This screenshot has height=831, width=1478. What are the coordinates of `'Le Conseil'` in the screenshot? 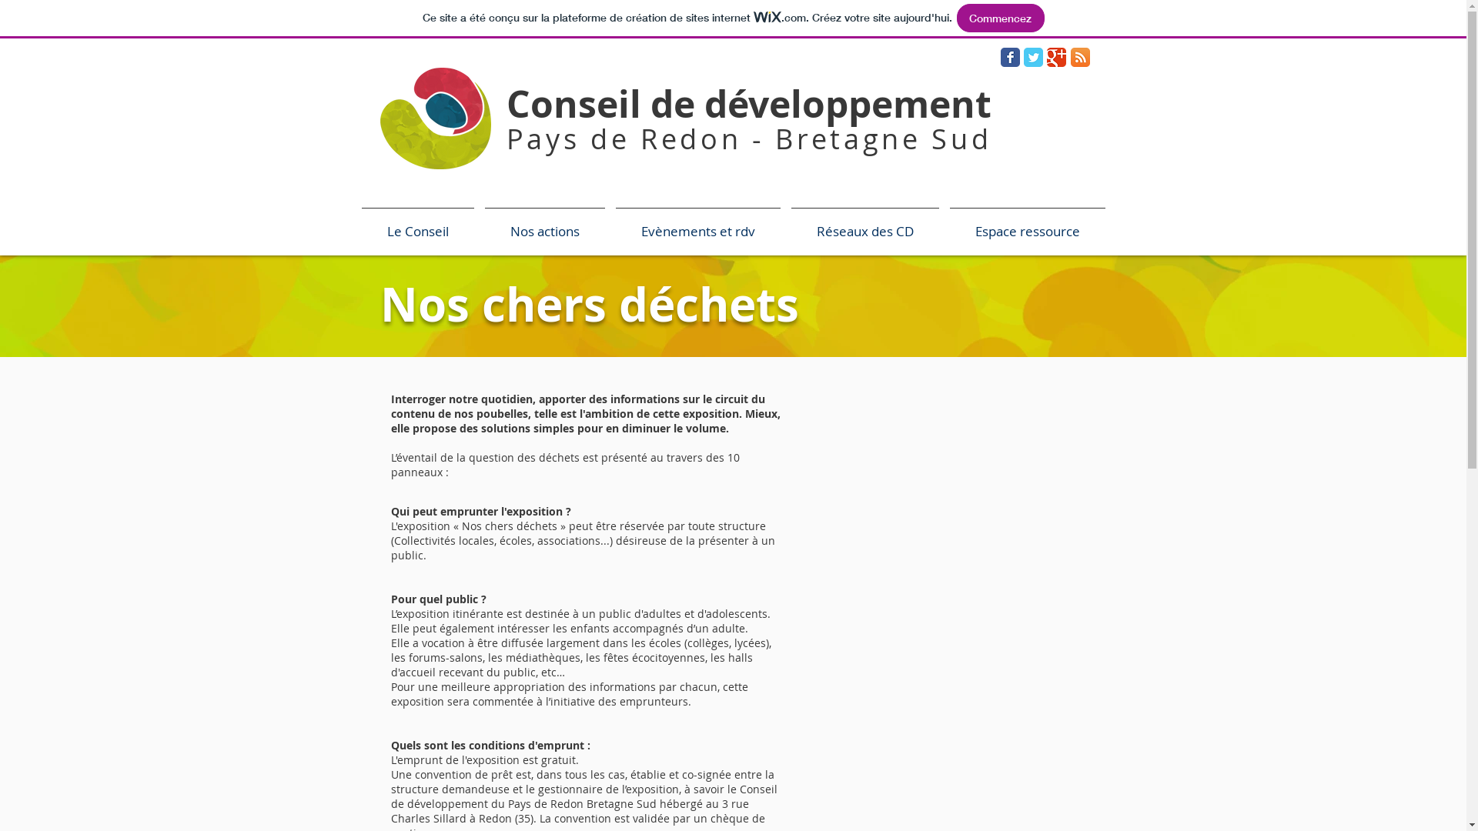 It's located at (417, 224).